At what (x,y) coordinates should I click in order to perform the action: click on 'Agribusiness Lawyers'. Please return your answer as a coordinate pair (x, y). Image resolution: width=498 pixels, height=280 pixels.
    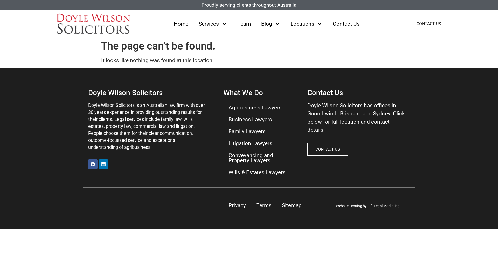
    Looking at the image, I should click on (260, 107).